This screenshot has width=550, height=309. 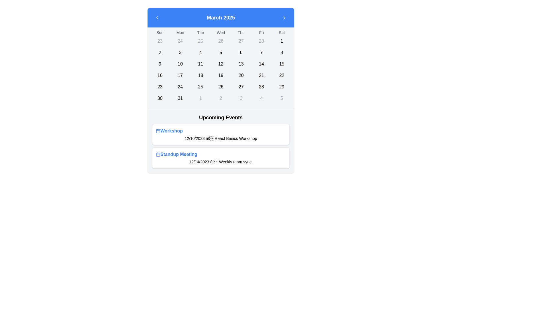 I want to click on the date button representing the 21st of the month in the calendar, located under 'Fri' in the fourth row, so click(x=261, y=75).